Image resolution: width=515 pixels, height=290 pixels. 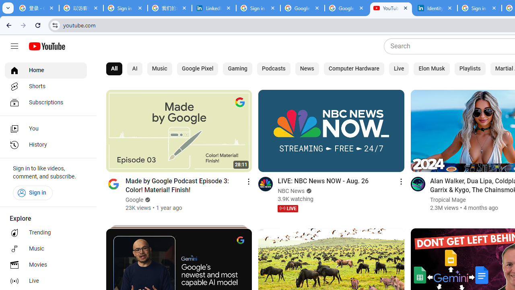 I want to click on 'Google Pixel', so click(x=197, y=68).